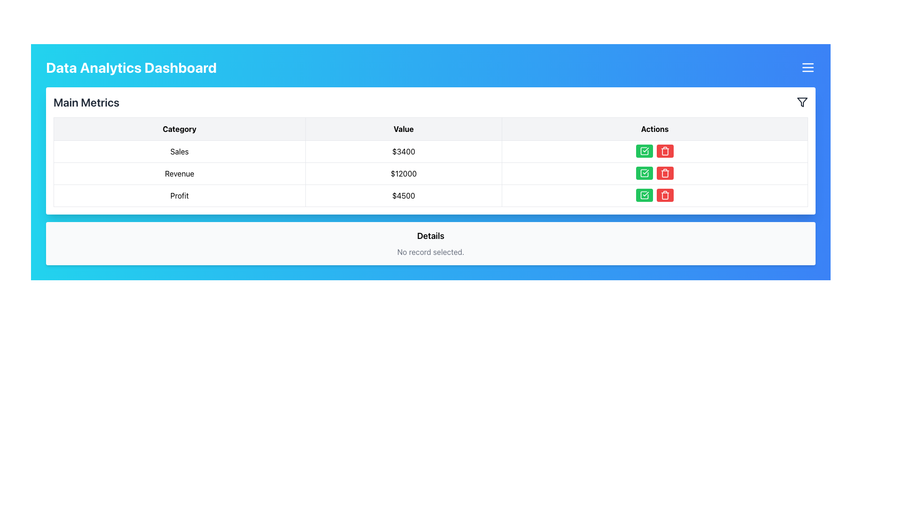 This screenshot has height=507, width=902. What do you see at coordinates (807, 67) in the screenshot?
I see `the menu icon button styled with three horizontal lines stacked vertically, located in the top-right corner of the interface` at bounding box center [807, 67].